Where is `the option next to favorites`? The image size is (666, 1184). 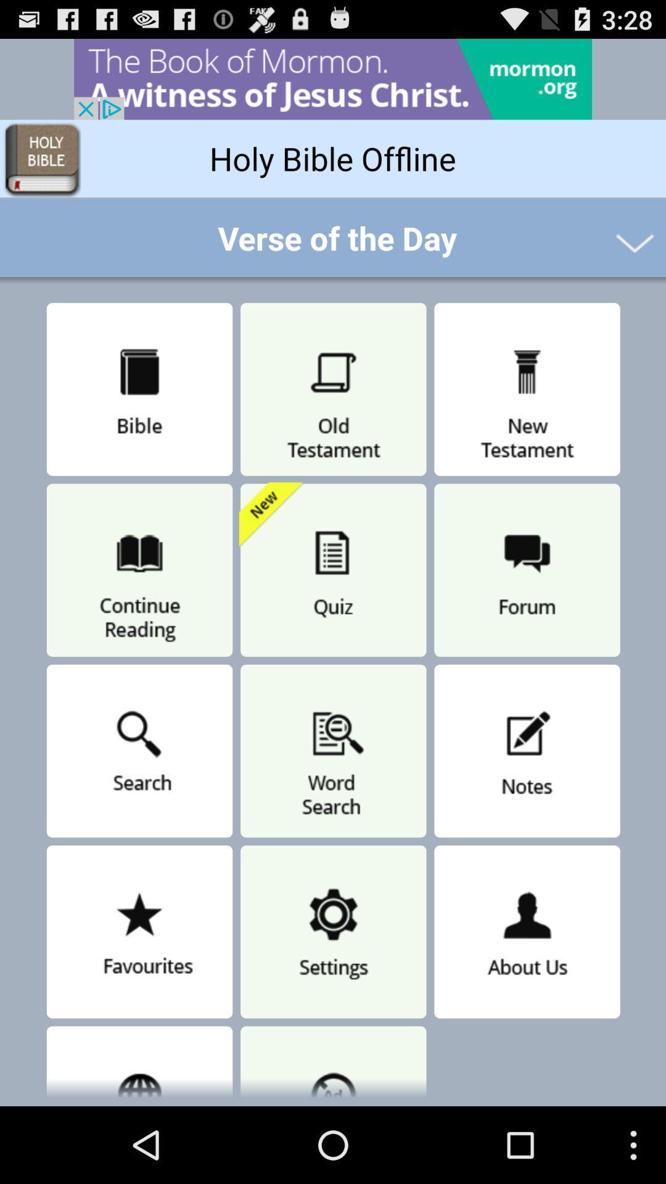 the option next to favorites is located at coordinates (333, 932).